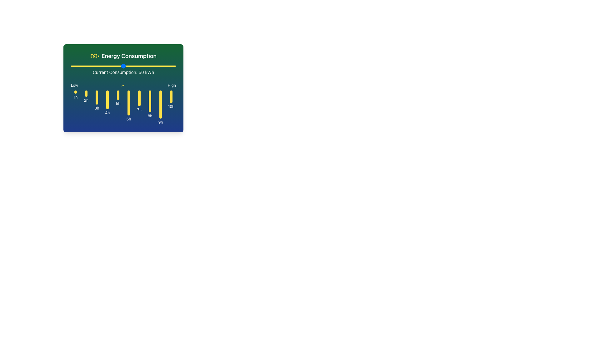 This screenshot has width=600, height=337. What do you see at coordinates (133, 66) in the screenshot?
I see `the energy consumption slider` at bounding box center [133, 66].